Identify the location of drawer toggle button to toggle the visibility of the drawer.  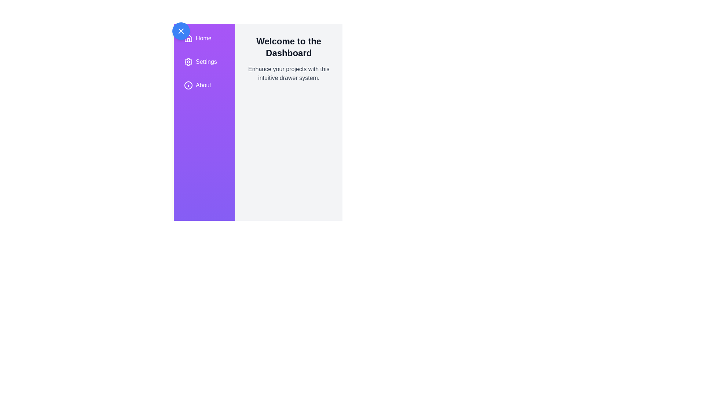
(181, 30).